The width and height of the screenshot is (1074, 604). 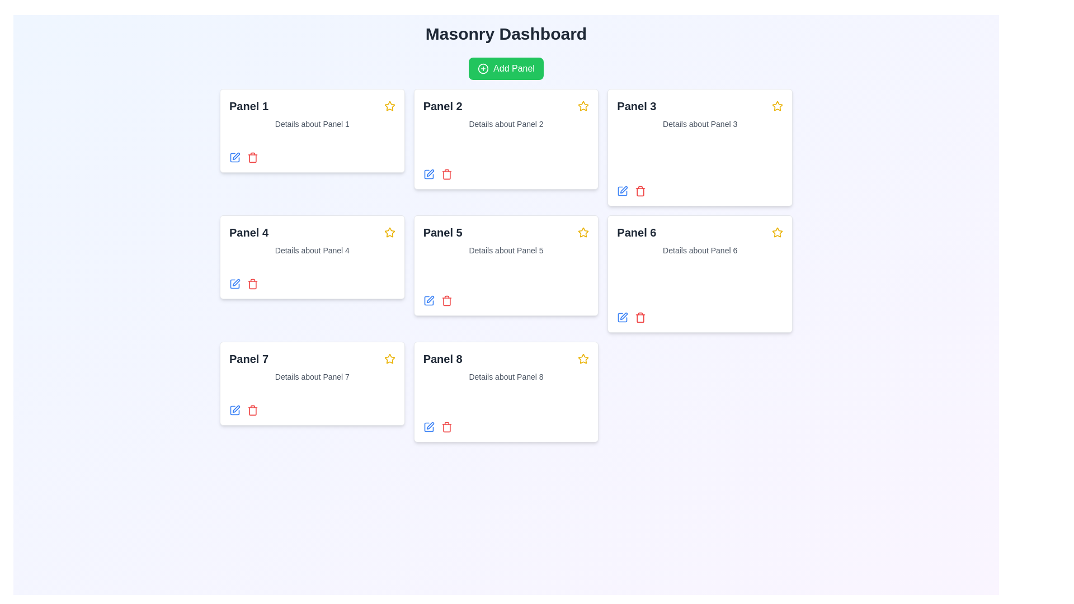 What do you see at coordinates (234, 284) in the screenshot?
I see `the editing icon located at the bottom left of 'Panel 4' card to initiate the editing feature` at bounding box center [234, 284].